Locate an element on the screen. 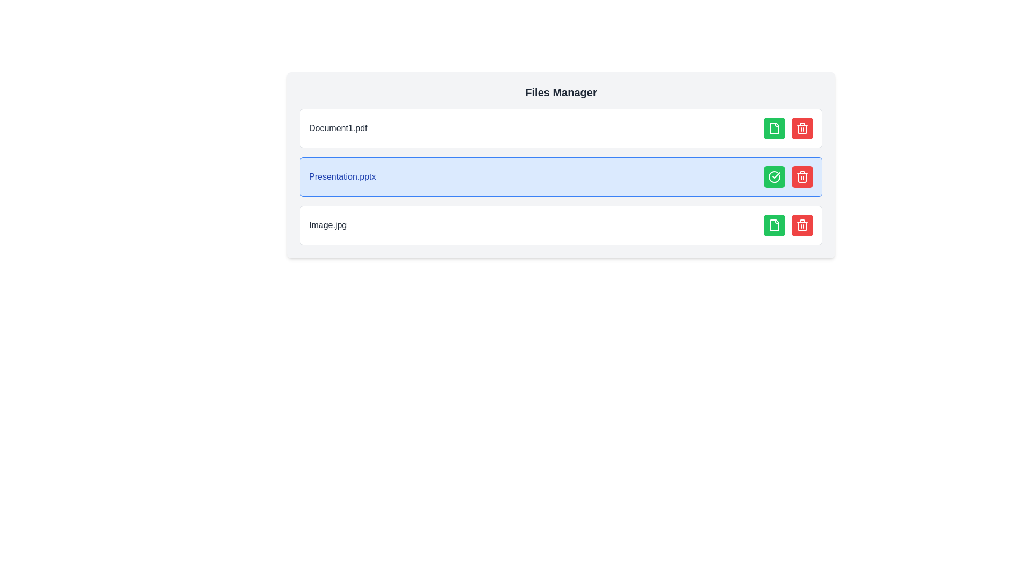 The image size is (1032, 581). the SVG icon representing a file associated with a list item, located to the left of its title in the file manager layout is located at coordinates (774, 225).